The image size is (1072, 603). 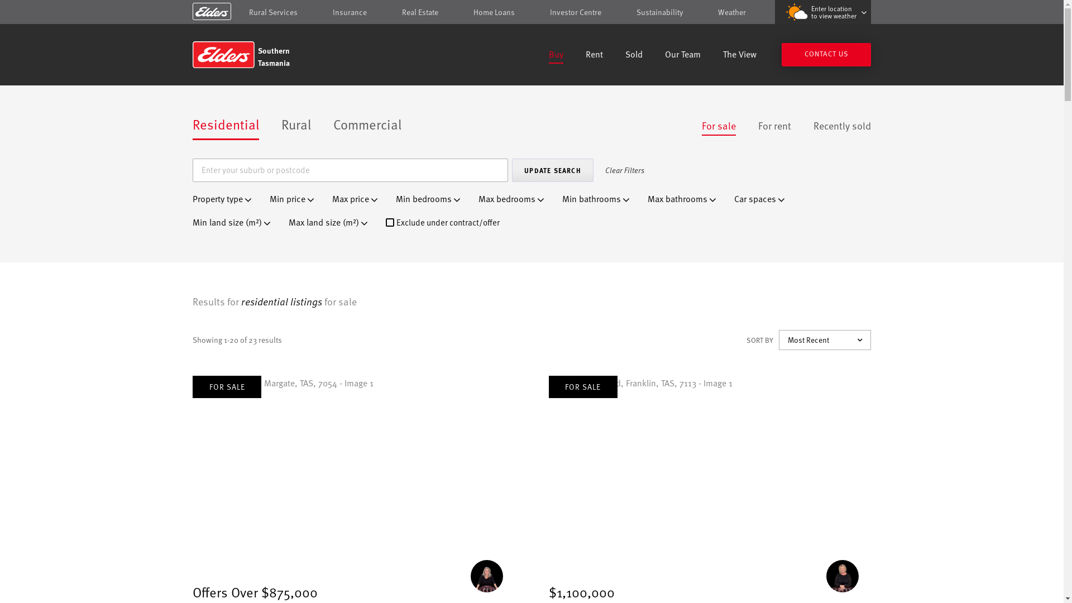 I want to click on 'Southern Tasmania', so click(x=272, y=54).